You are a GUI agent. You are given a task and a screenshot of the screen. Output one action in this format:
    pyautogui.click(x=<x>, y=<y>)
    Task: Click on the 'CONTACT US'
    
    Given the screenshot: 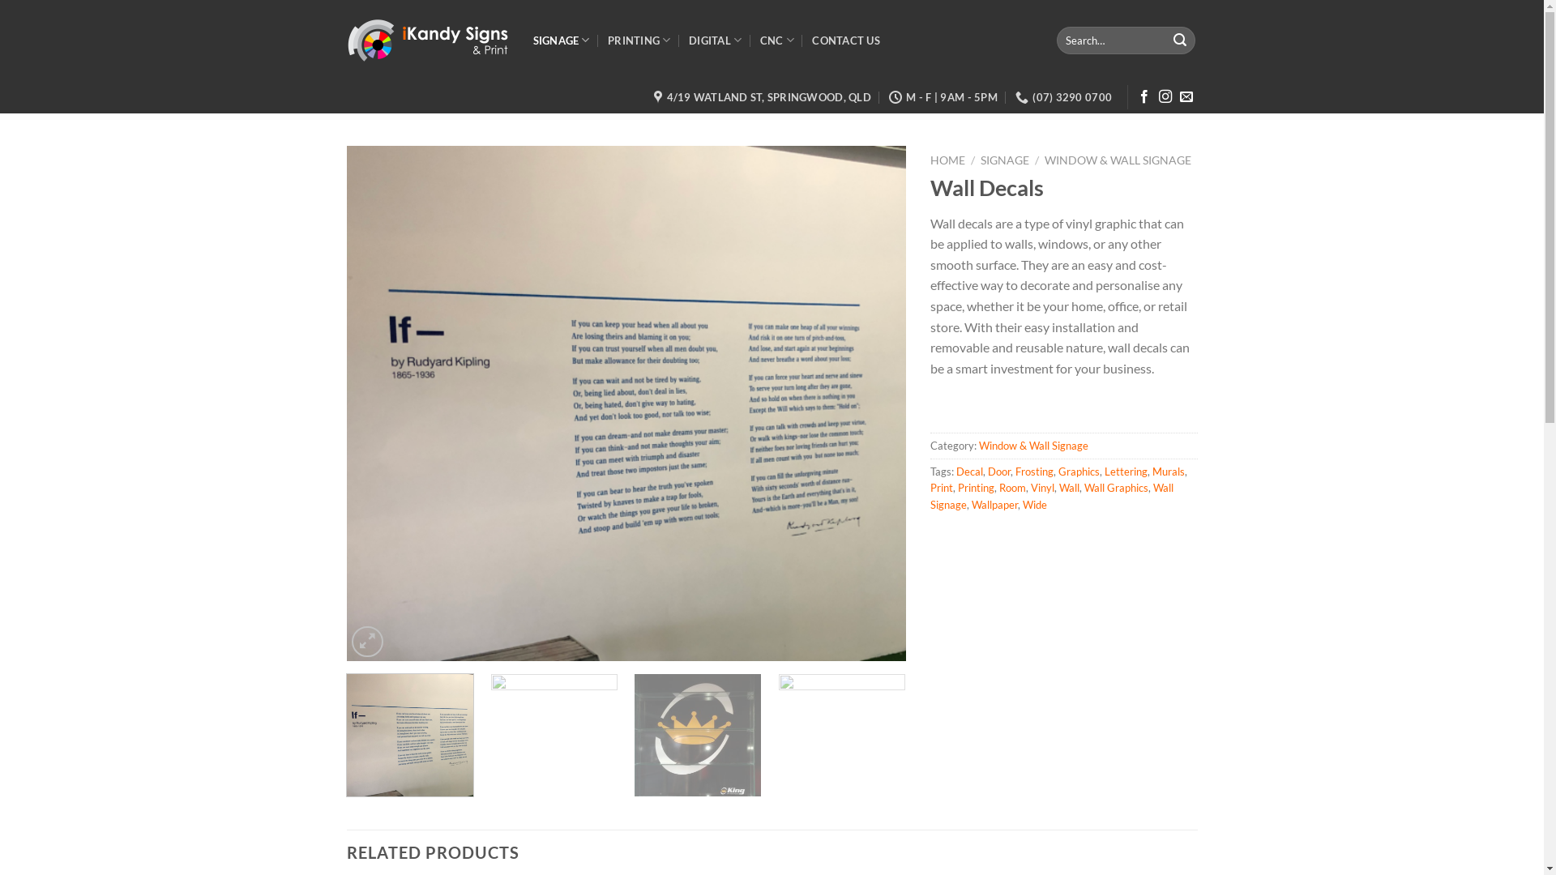 What is the action you would take?
    pyautogui.click(x=844, y=40)
    